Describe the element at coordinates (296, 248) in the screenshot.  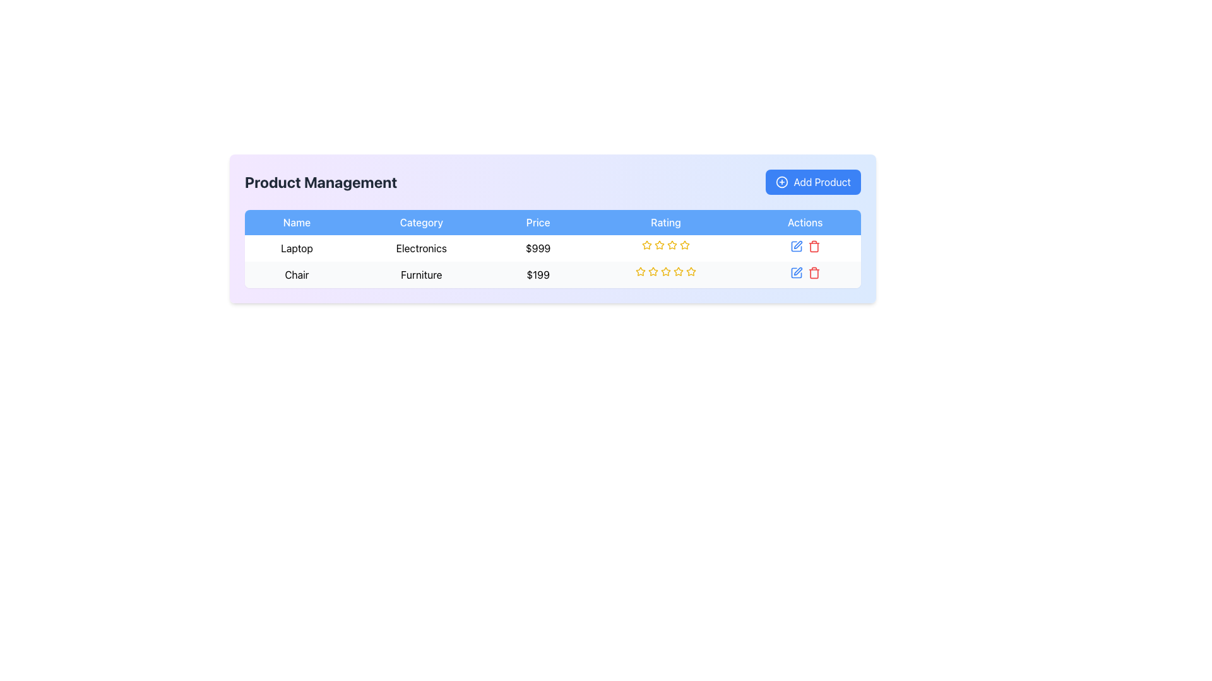
I see `the adjacent table components based on the content of the text label reading 'Laptop', which is the first cell in the first data row under the 'Name' column` at that location.